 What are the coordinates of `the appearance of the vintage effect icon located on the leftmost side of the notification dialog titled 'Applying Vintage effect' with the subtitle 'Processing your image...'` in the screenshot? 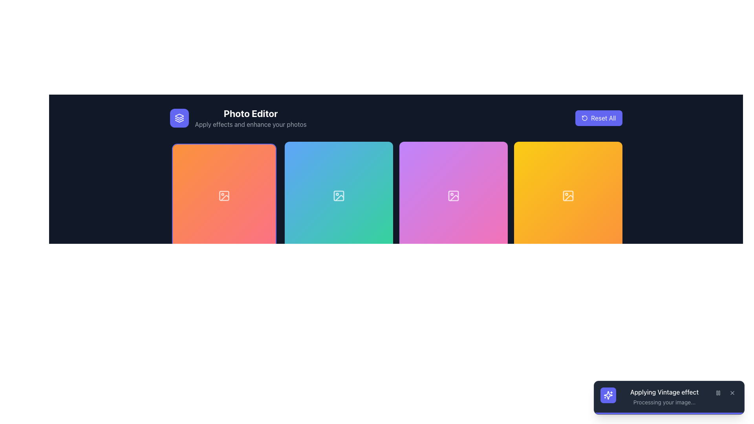 It's located at (608, 395).